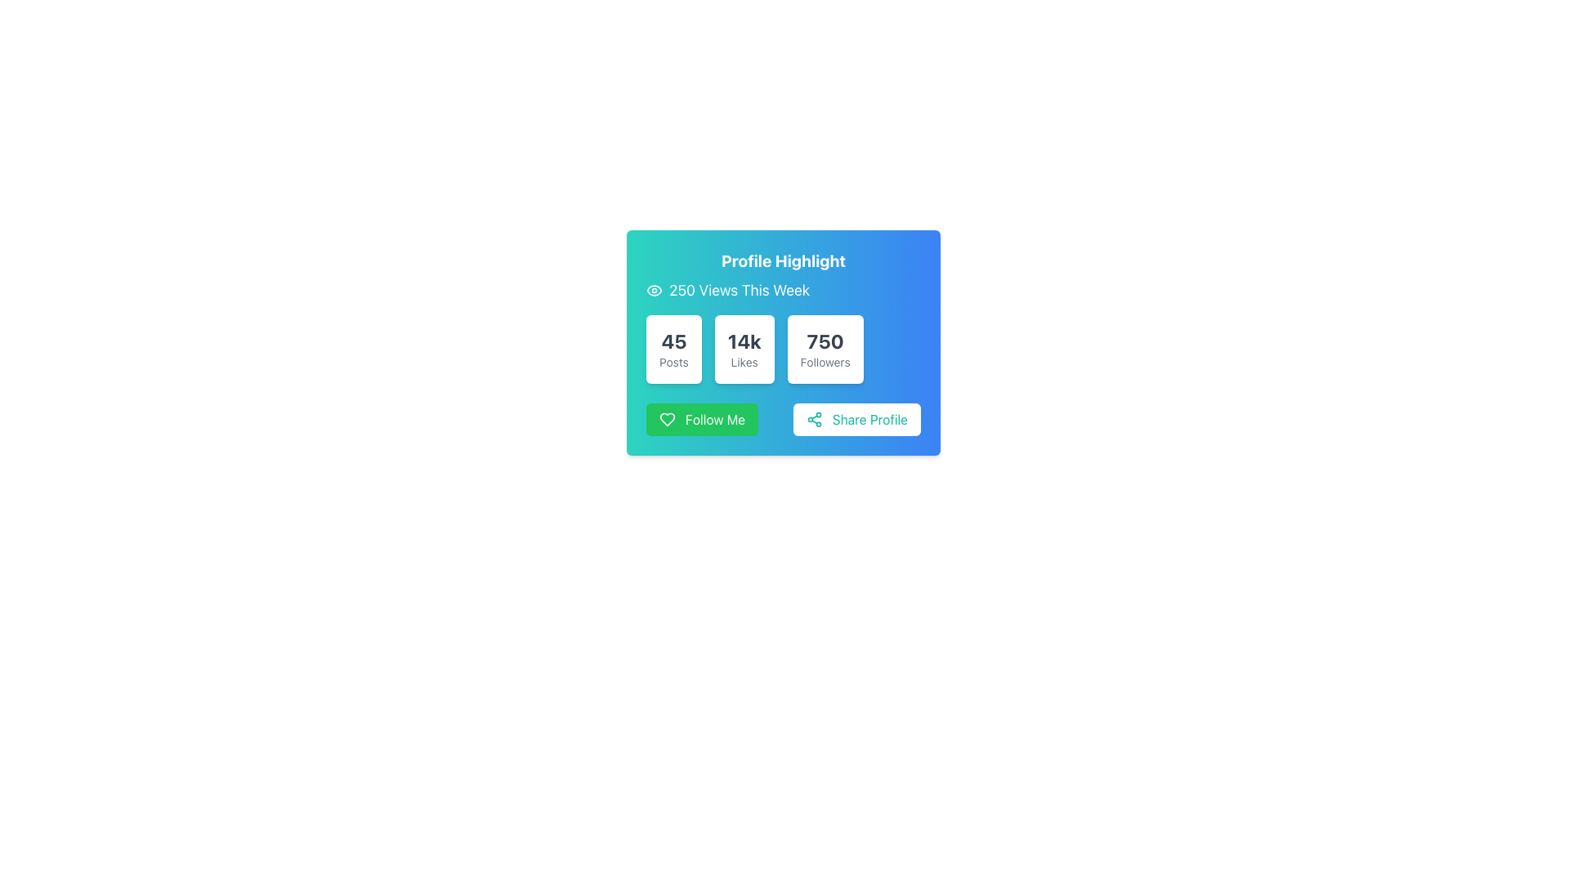 The height and width of the screenshot is (882, 1569). I want to click on the eye-shaped icon with a turquoise filling, located near the text '250 Views This Week' within a blue gradient card component, so click(655, 289).